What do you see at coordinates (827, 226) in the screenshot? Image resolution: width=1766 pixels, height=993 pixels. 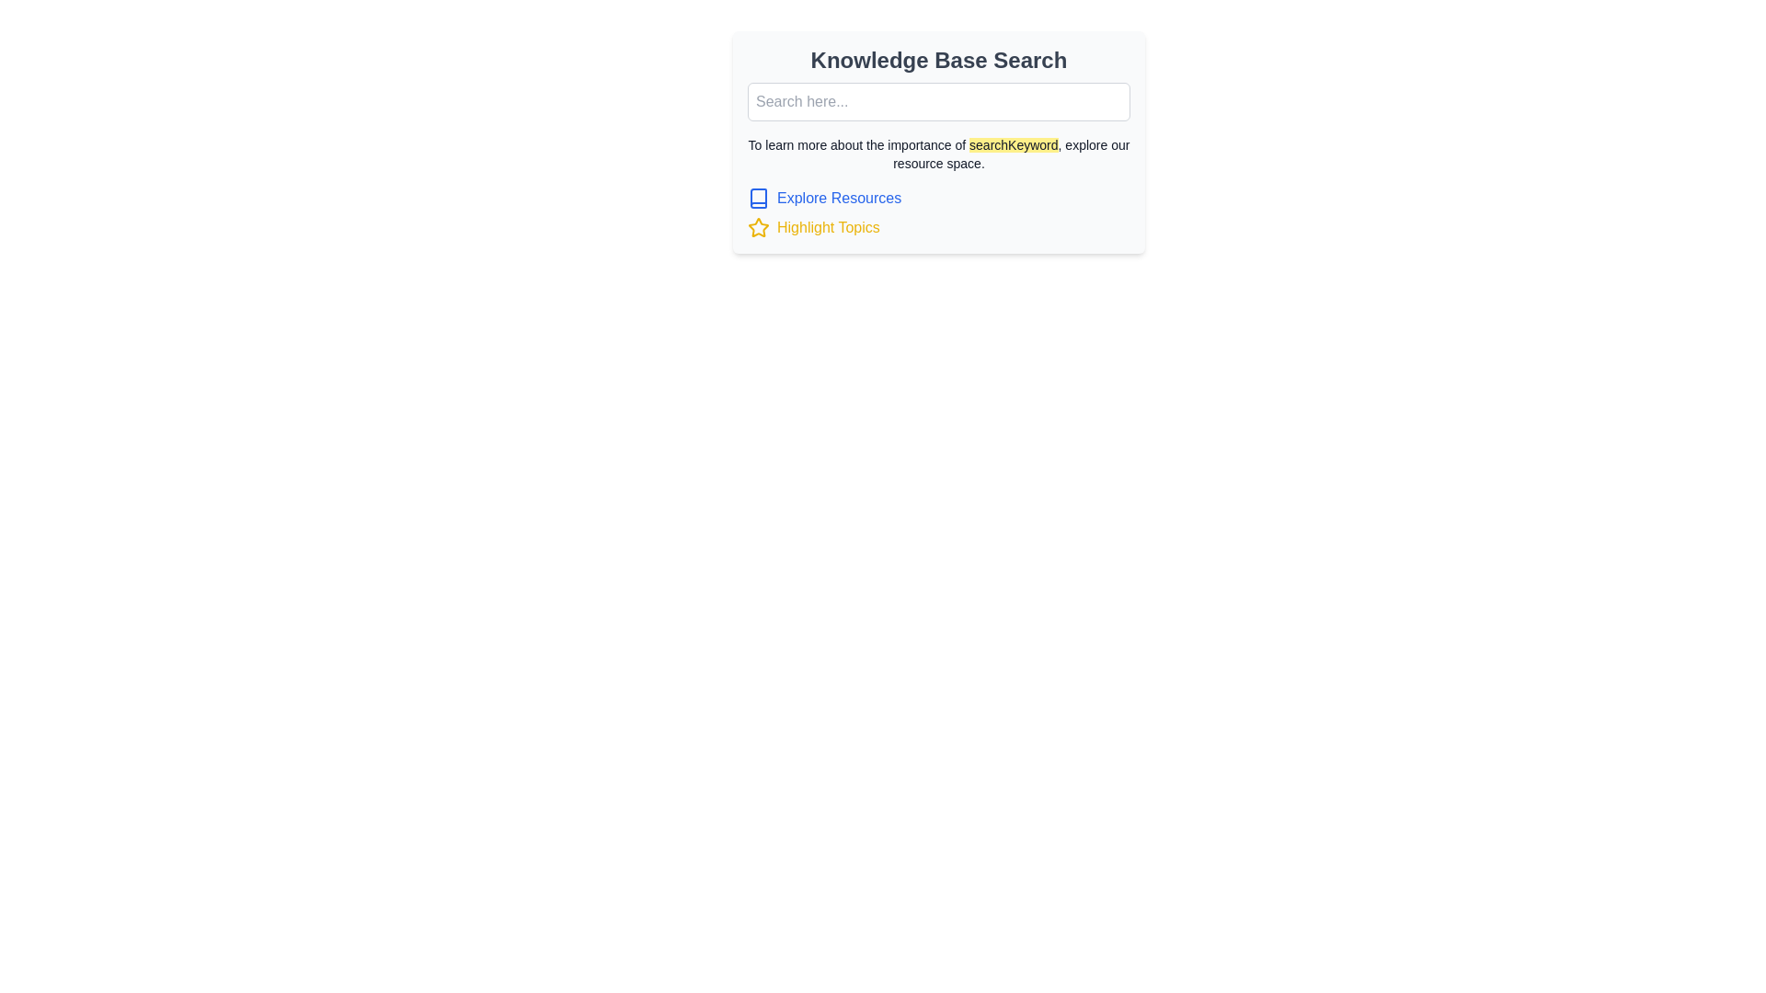 I see `the text label reading 'Highlight Topics', which is prominently displayed in golden-yellow color next to a star icon, positioned below 'Explore Resources' in the 'Knowledge Base Search' section` at bounding box center [827, 226].